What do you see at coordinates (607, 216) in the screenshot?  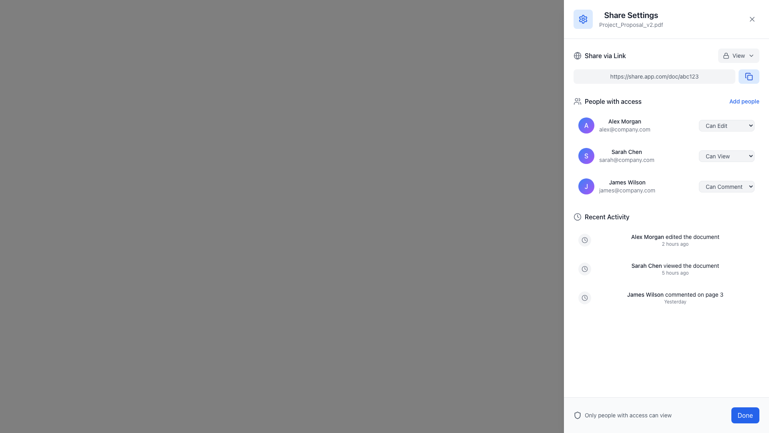 I see `the 'Recent Activity' text label, which is styled in a medium-weight sans-serif font and is located at the top right of the interface, next to a clock icon` at bounding box center [607, 216].